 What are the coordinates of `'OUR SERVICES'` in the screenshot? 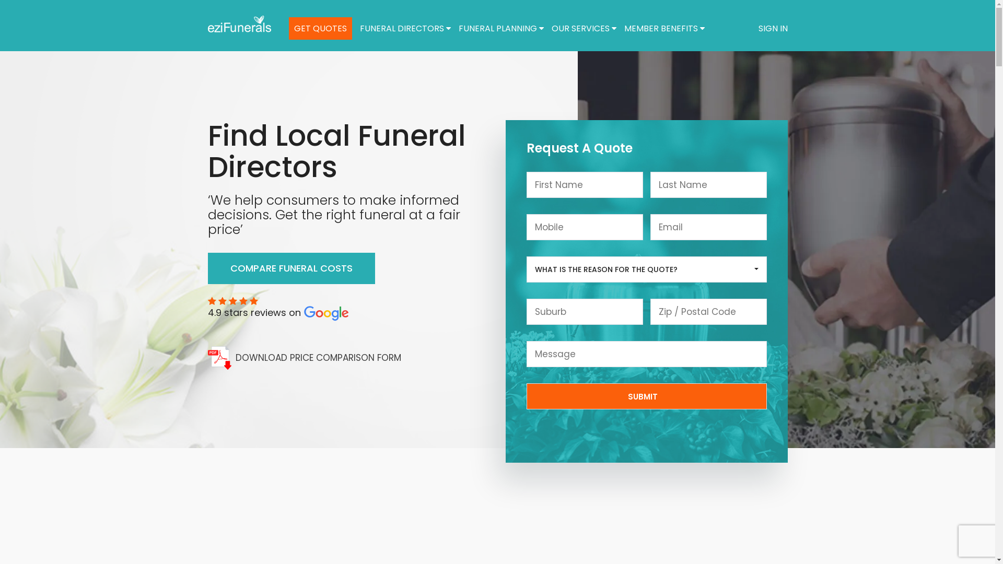 It's located at (584, 28).